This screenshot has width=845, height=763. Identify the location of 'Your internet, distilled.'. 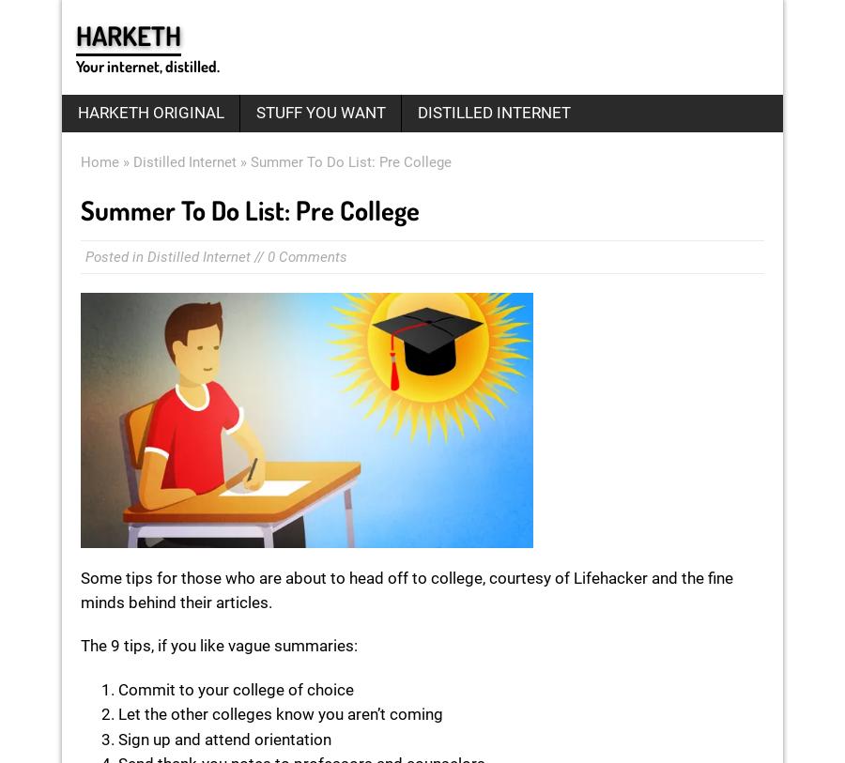
(75, 64).